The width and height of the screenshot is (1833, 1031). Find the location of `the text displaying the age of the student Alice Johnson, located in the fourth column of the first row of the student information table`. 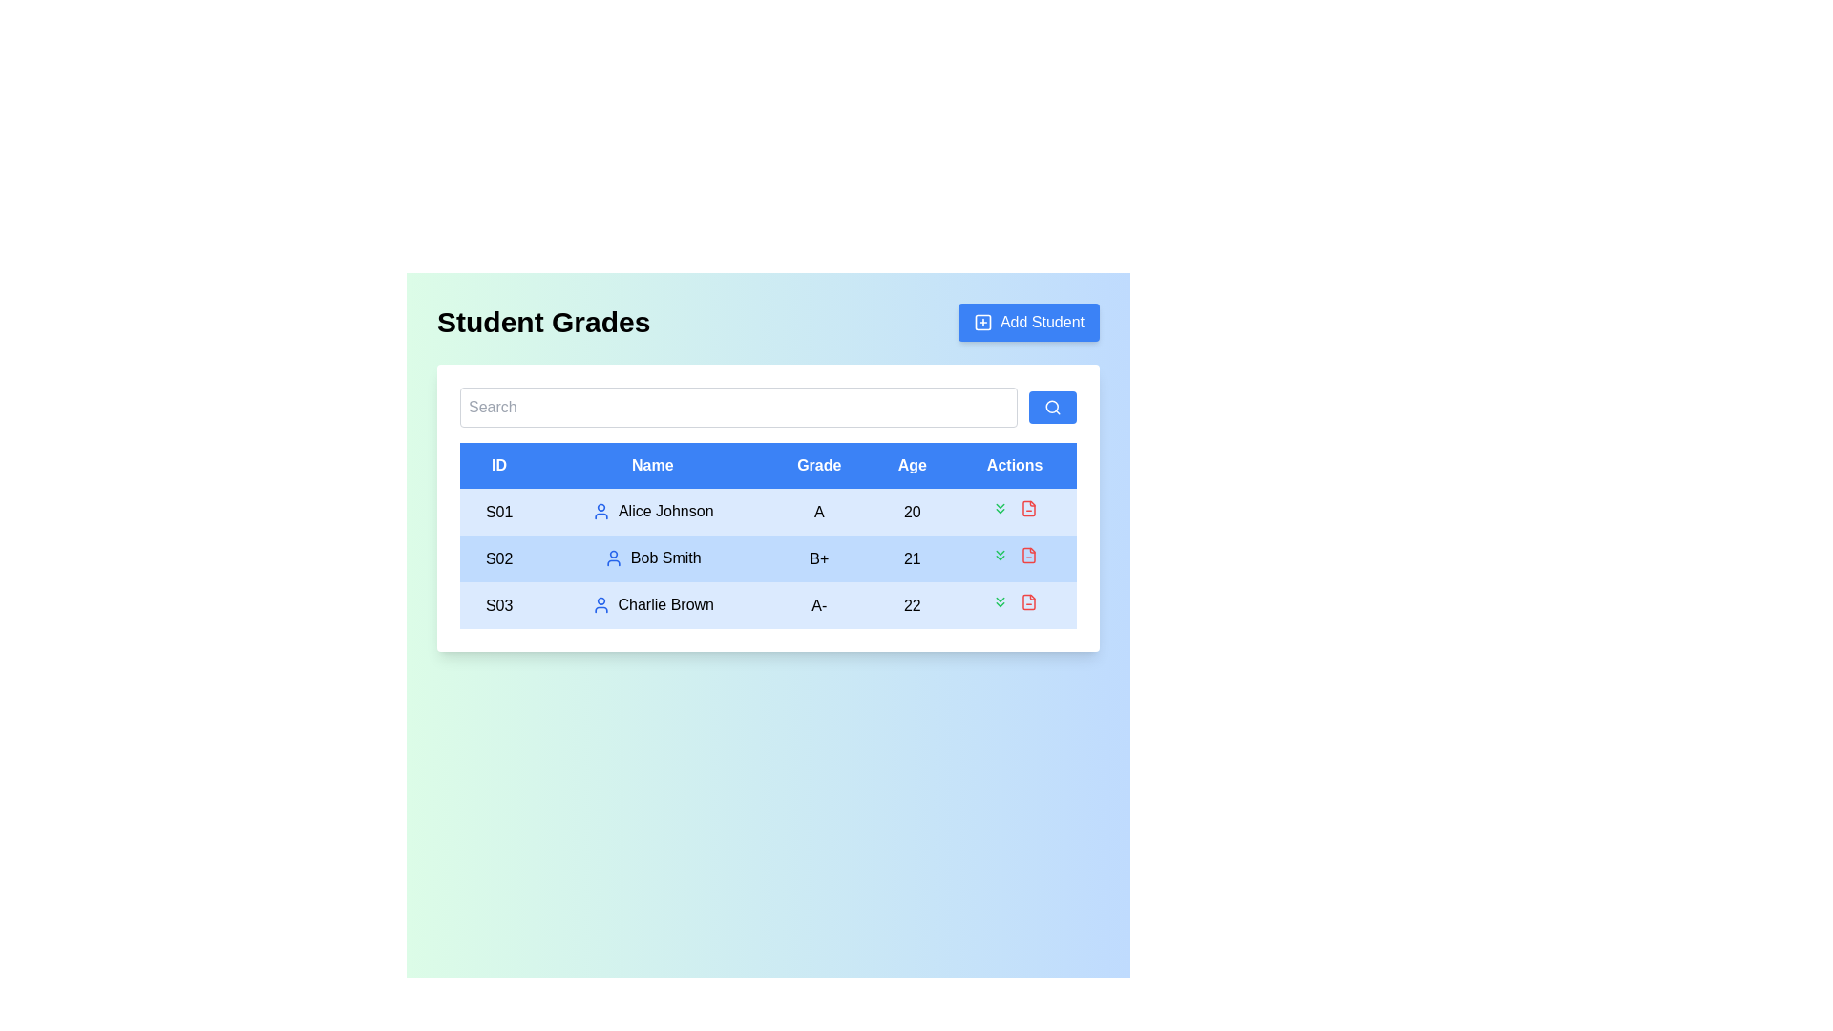

the text displaying the age of the student Alice Johnson, located in the fourth column of the first row of the student information table is located at coordinates (911, 511).